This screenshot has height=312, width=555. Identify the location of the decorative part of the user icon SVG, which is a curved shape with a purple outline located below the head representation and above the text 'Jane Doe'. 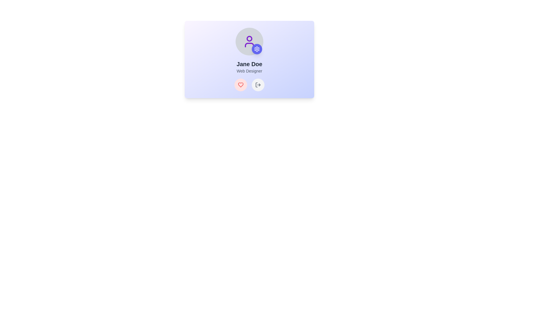
(249, 44).